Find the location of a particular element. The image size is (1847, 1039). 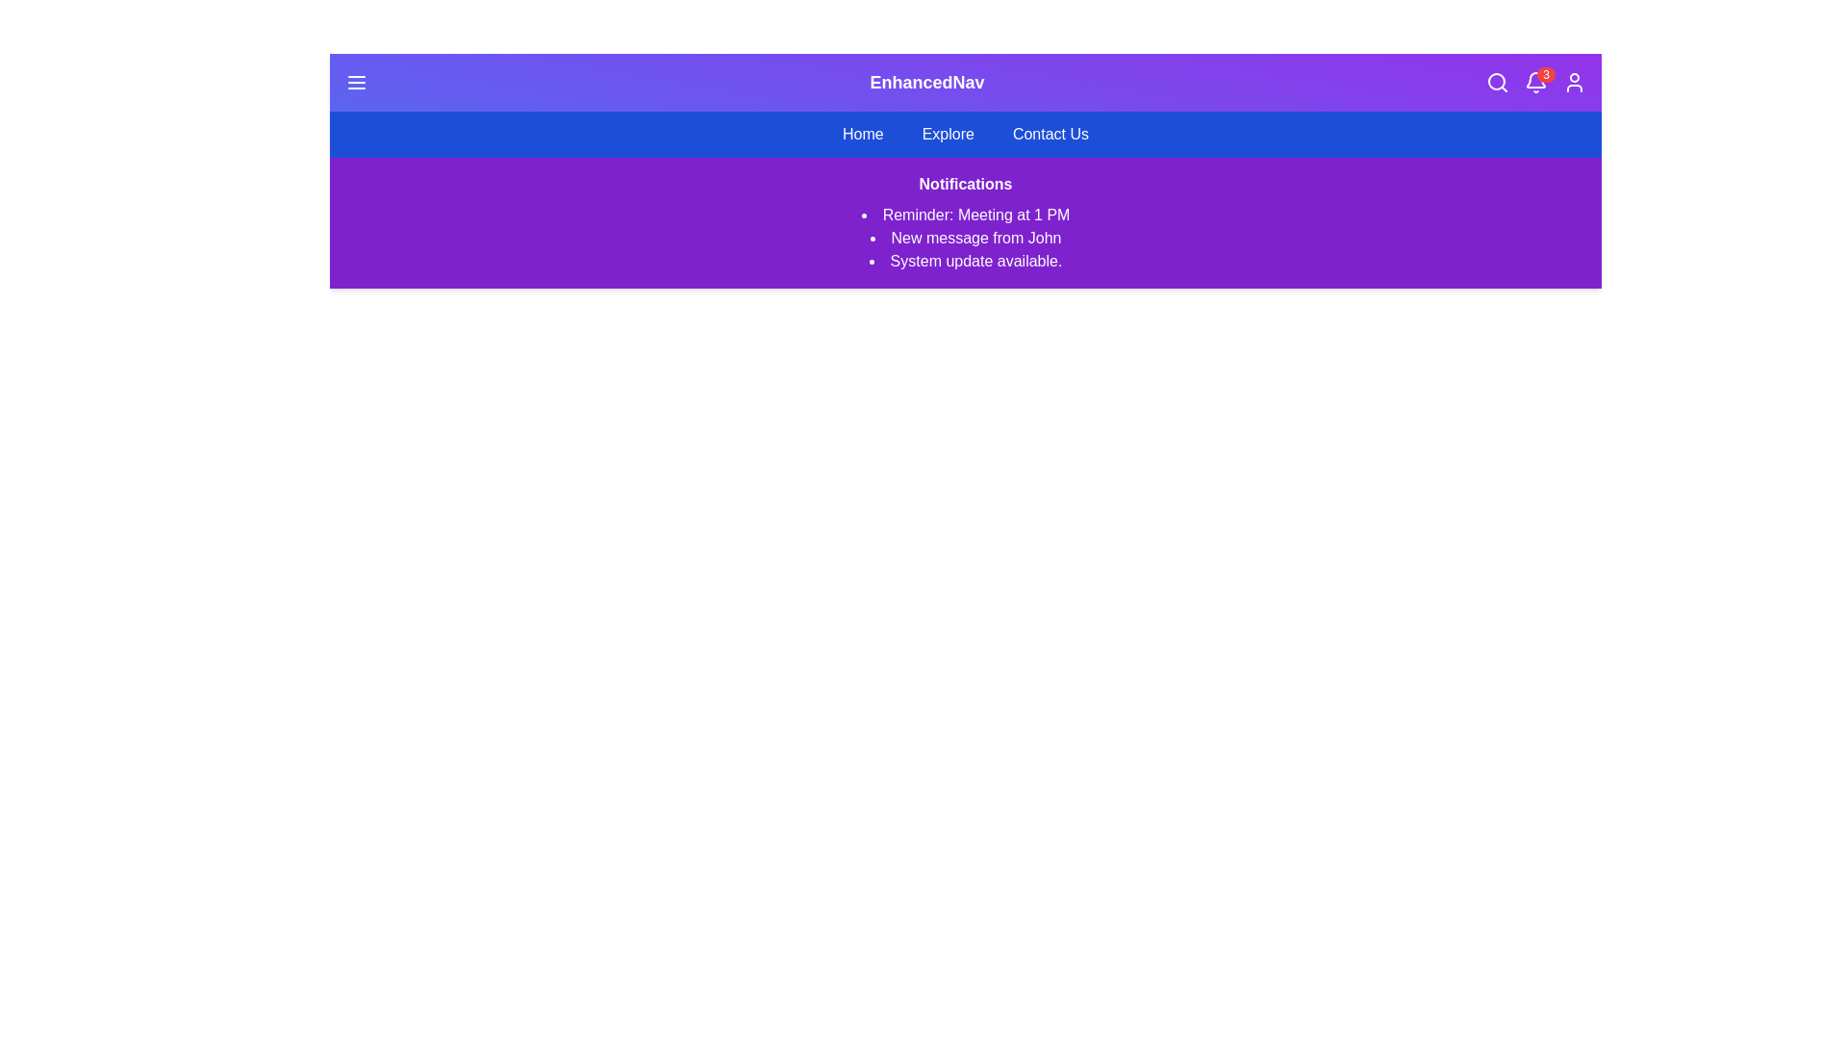

the Notification Bell Icon with Badge located is located at coordinates (1535, 81).